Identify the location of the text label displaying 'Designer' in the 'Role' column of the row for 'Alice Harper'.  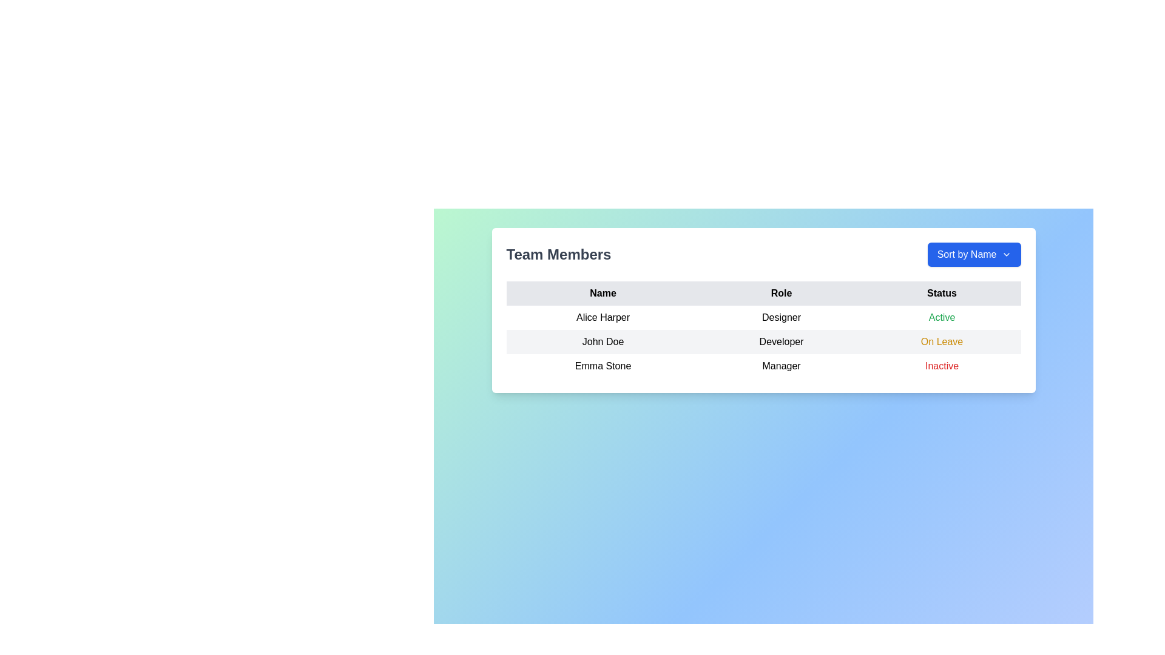
(782, 317).